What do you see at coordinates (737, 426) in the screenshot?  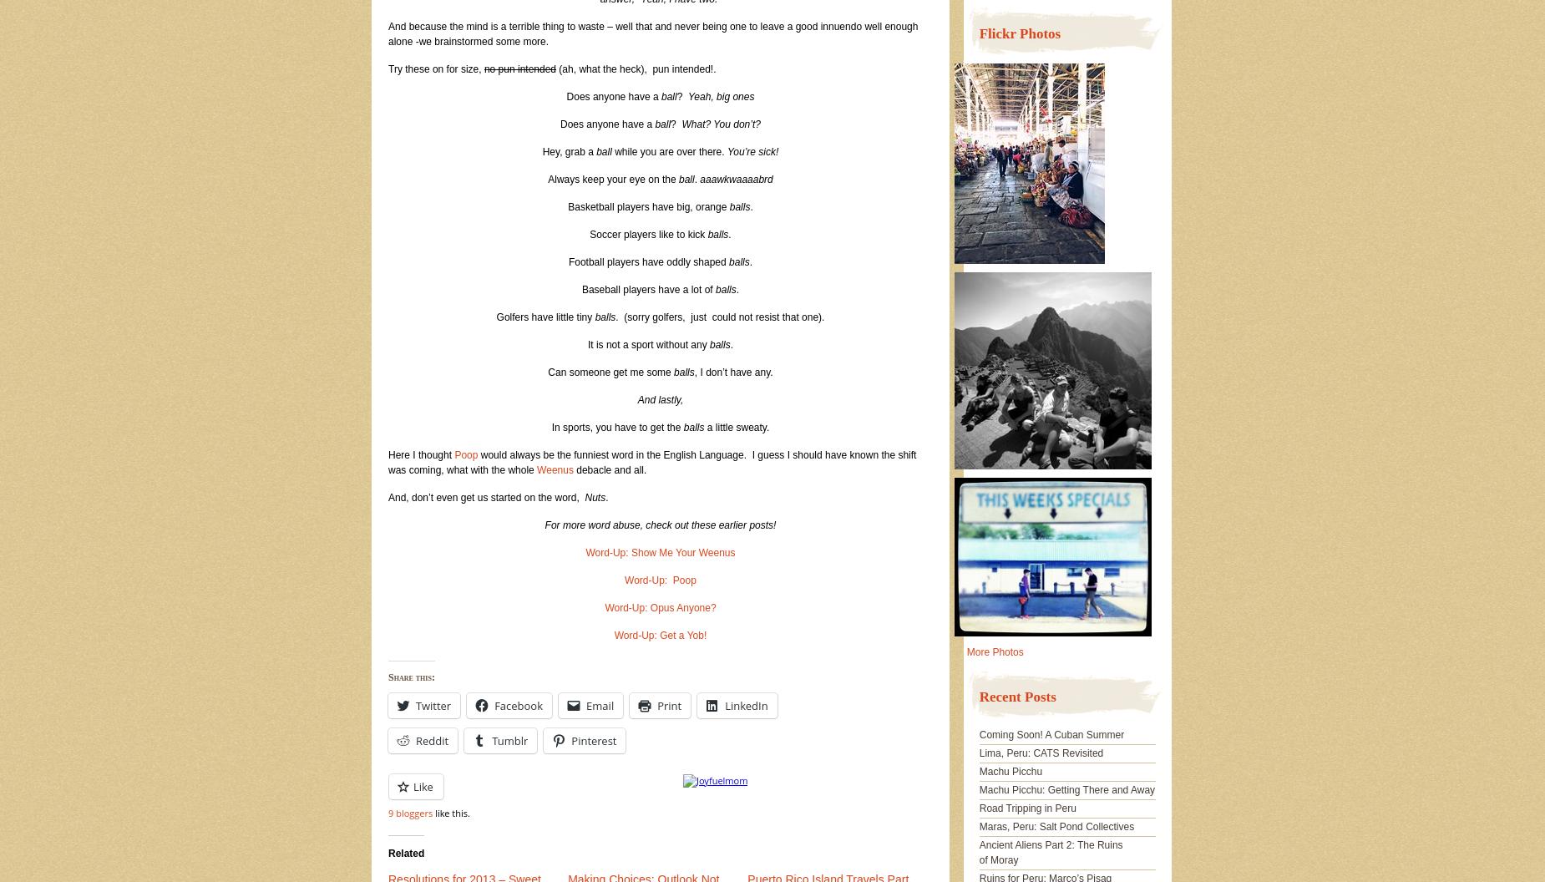 I see `'a little sweaty.'` at bounding box center [737, 426].